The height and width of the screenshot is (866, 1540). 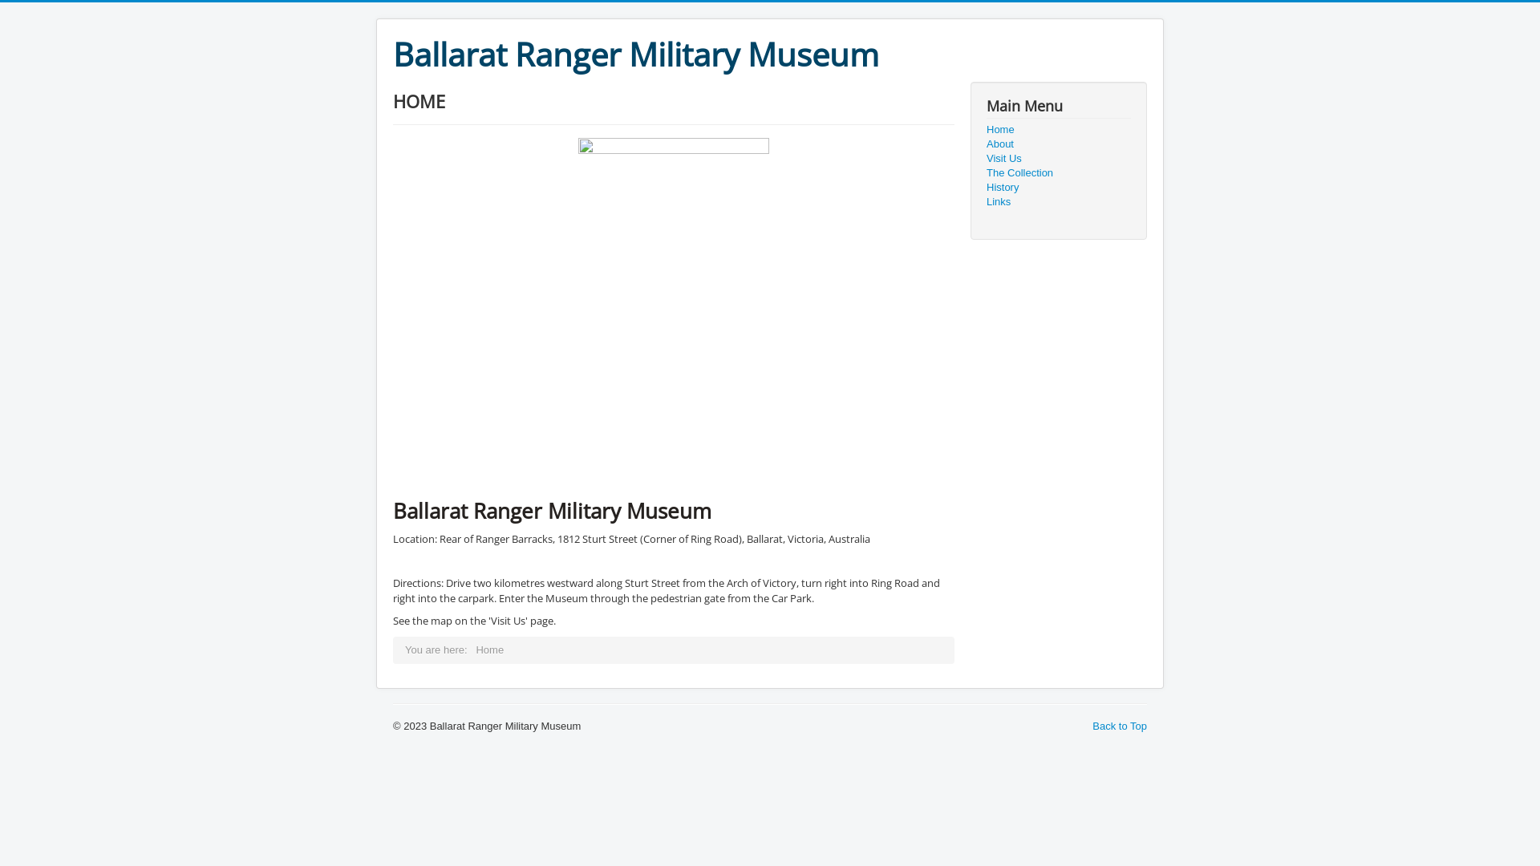 I want to click on 'Visit Us', so click(x=1059, y=158).